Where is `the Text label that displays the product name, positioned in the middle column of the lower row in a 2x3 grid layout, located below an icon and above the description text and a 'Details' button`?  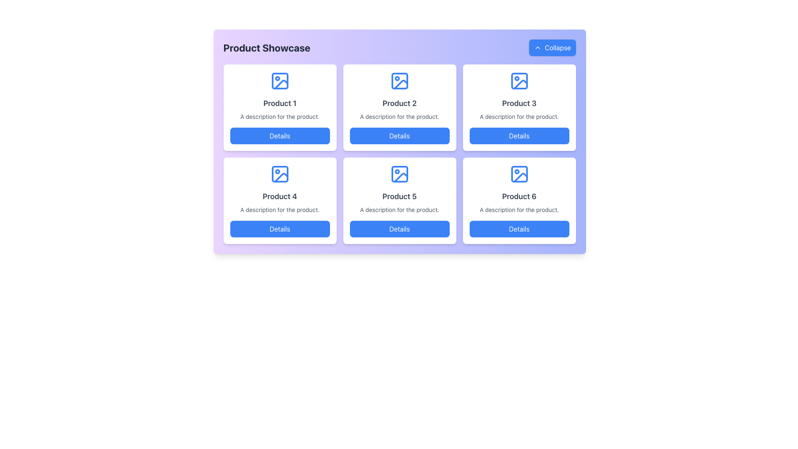 the Text label that displays the product name, positioned in the middle column of the lower row in a 2x3 grid layout, located below an icon and above the description text and a 'Details' button is located at coordinates (399, 197).